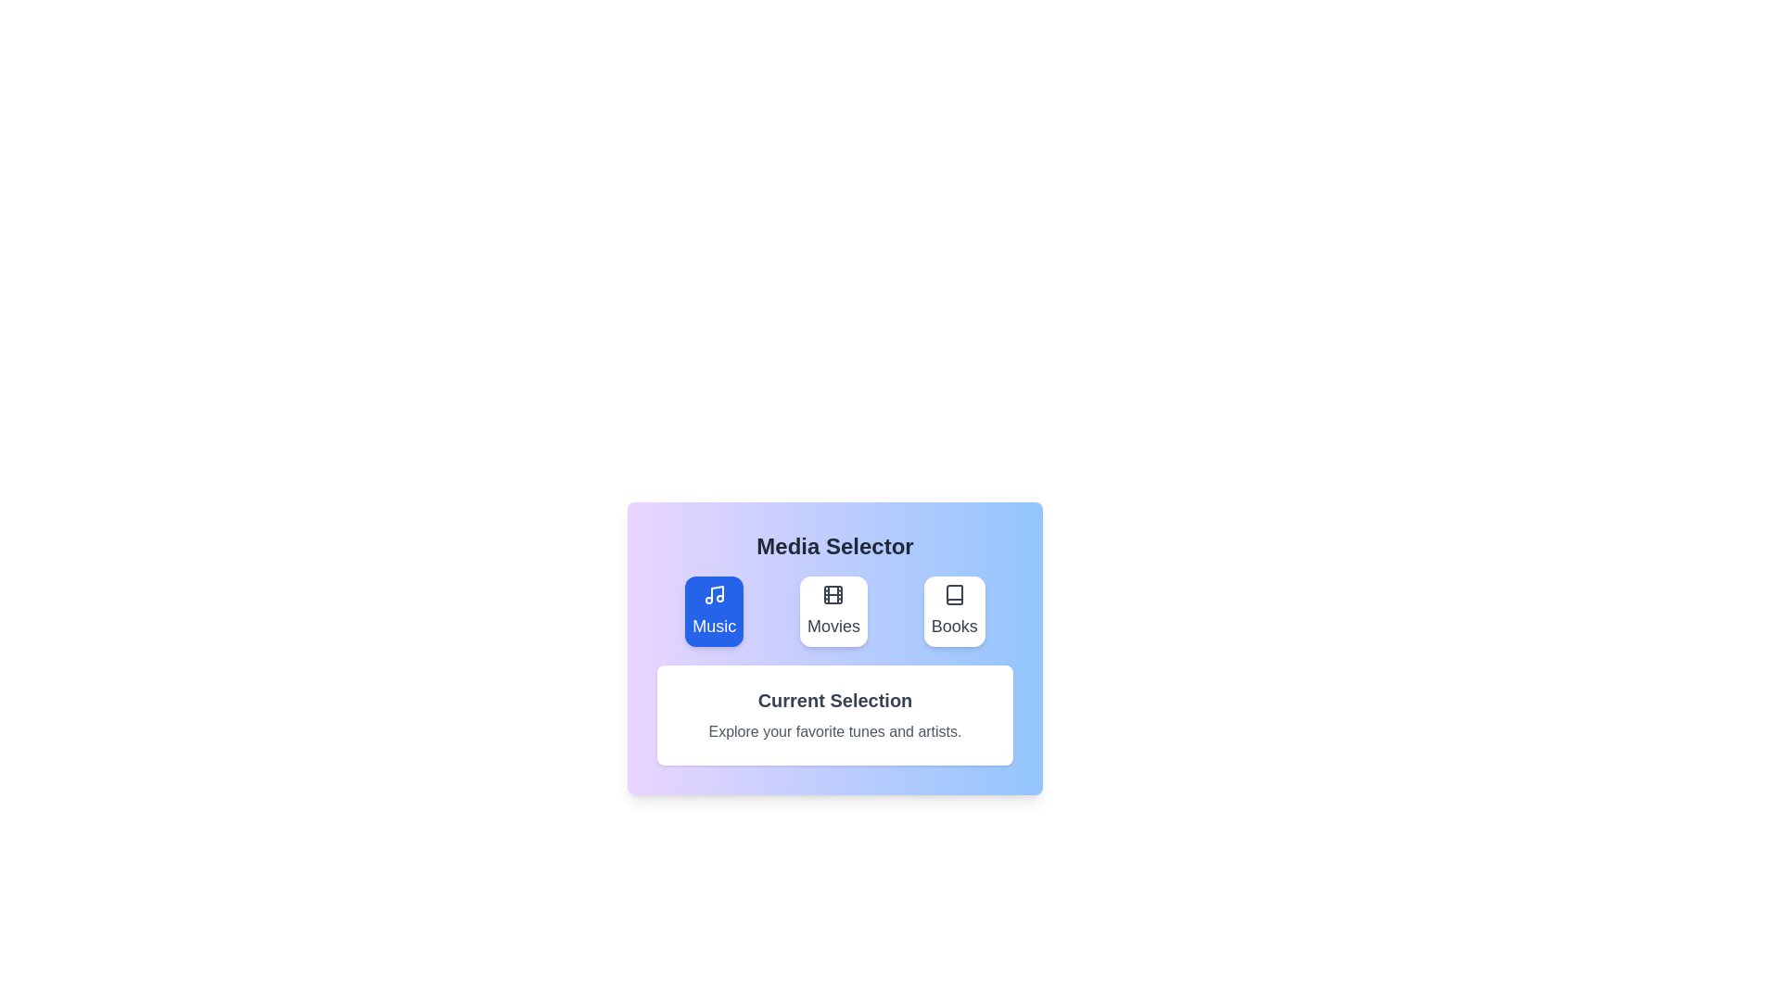 The width and height of the screenshot is (1780, 1001). What do you see at coordinates (713, 611) in the screenshot?
I see `the 'Music' button, which is a vibrant blue rectangular button with white text and a musical note icon, to observe the hover effect` at bounding box center [713, 611].